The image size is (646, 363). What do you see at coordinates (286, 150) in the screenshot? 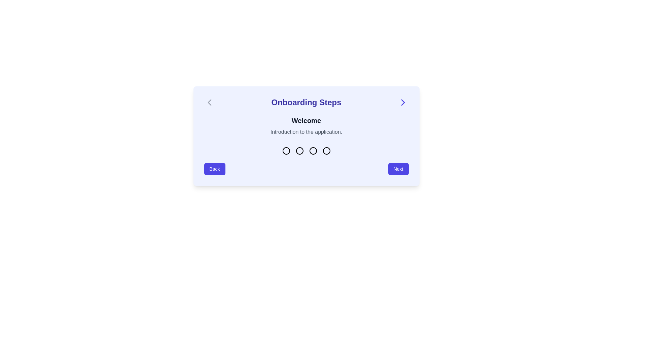
I see `the second circular indicator in the onboarding step sequence, which is part of a group of four circles` at bounding box center [286, 150].